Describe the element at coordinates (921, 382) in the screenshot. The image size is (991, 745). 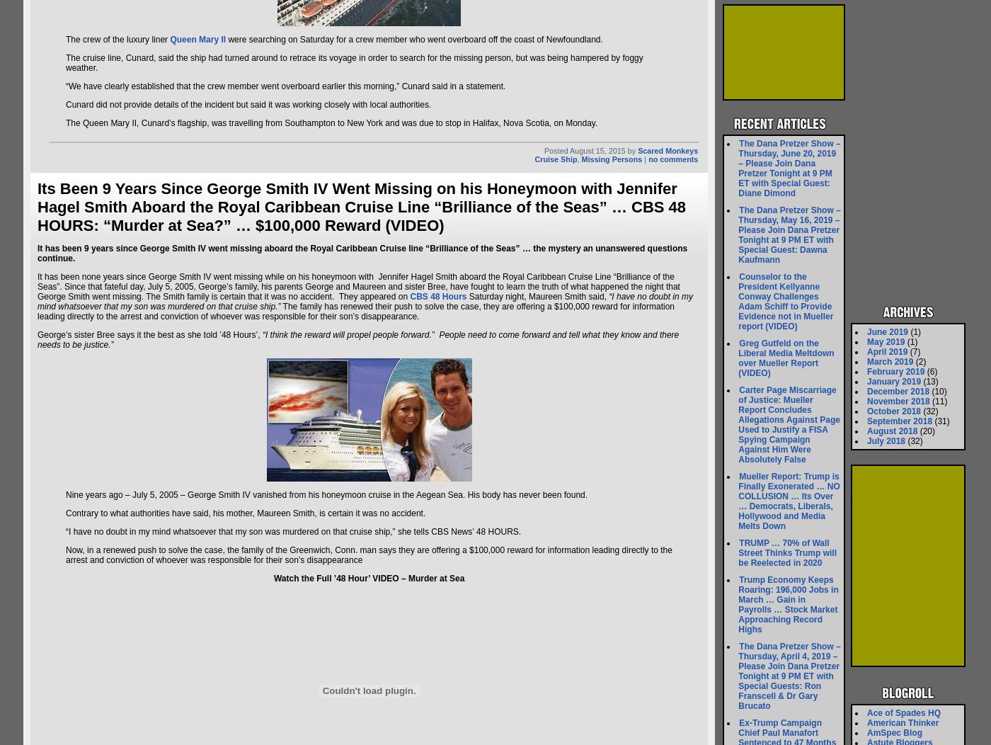
I see `'(13)'` at that location.